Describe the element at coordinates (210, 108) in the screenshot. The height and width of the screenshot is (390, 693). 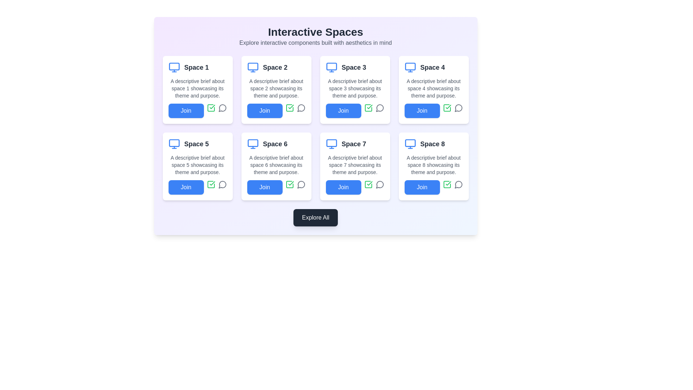
I see `the green checkmark icon located to the right of the 'Join' button within the card labeled 'Space 5'` at that location.